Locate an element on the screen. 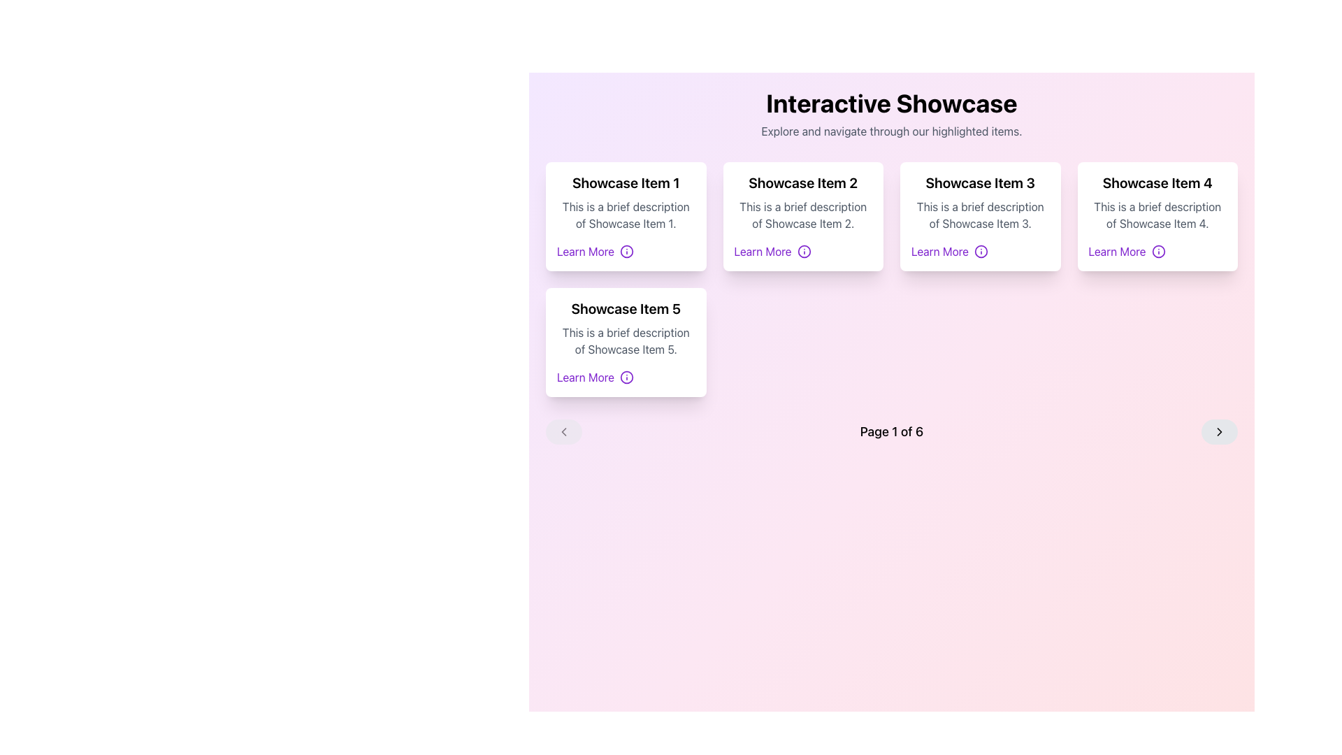 Image resolution: width=1342 pixels, height=755 pixels. the informational text block displaying the title and description of the second showcase item to potentially reveal tooltips or additional effects is located at coordinates (803, 202).